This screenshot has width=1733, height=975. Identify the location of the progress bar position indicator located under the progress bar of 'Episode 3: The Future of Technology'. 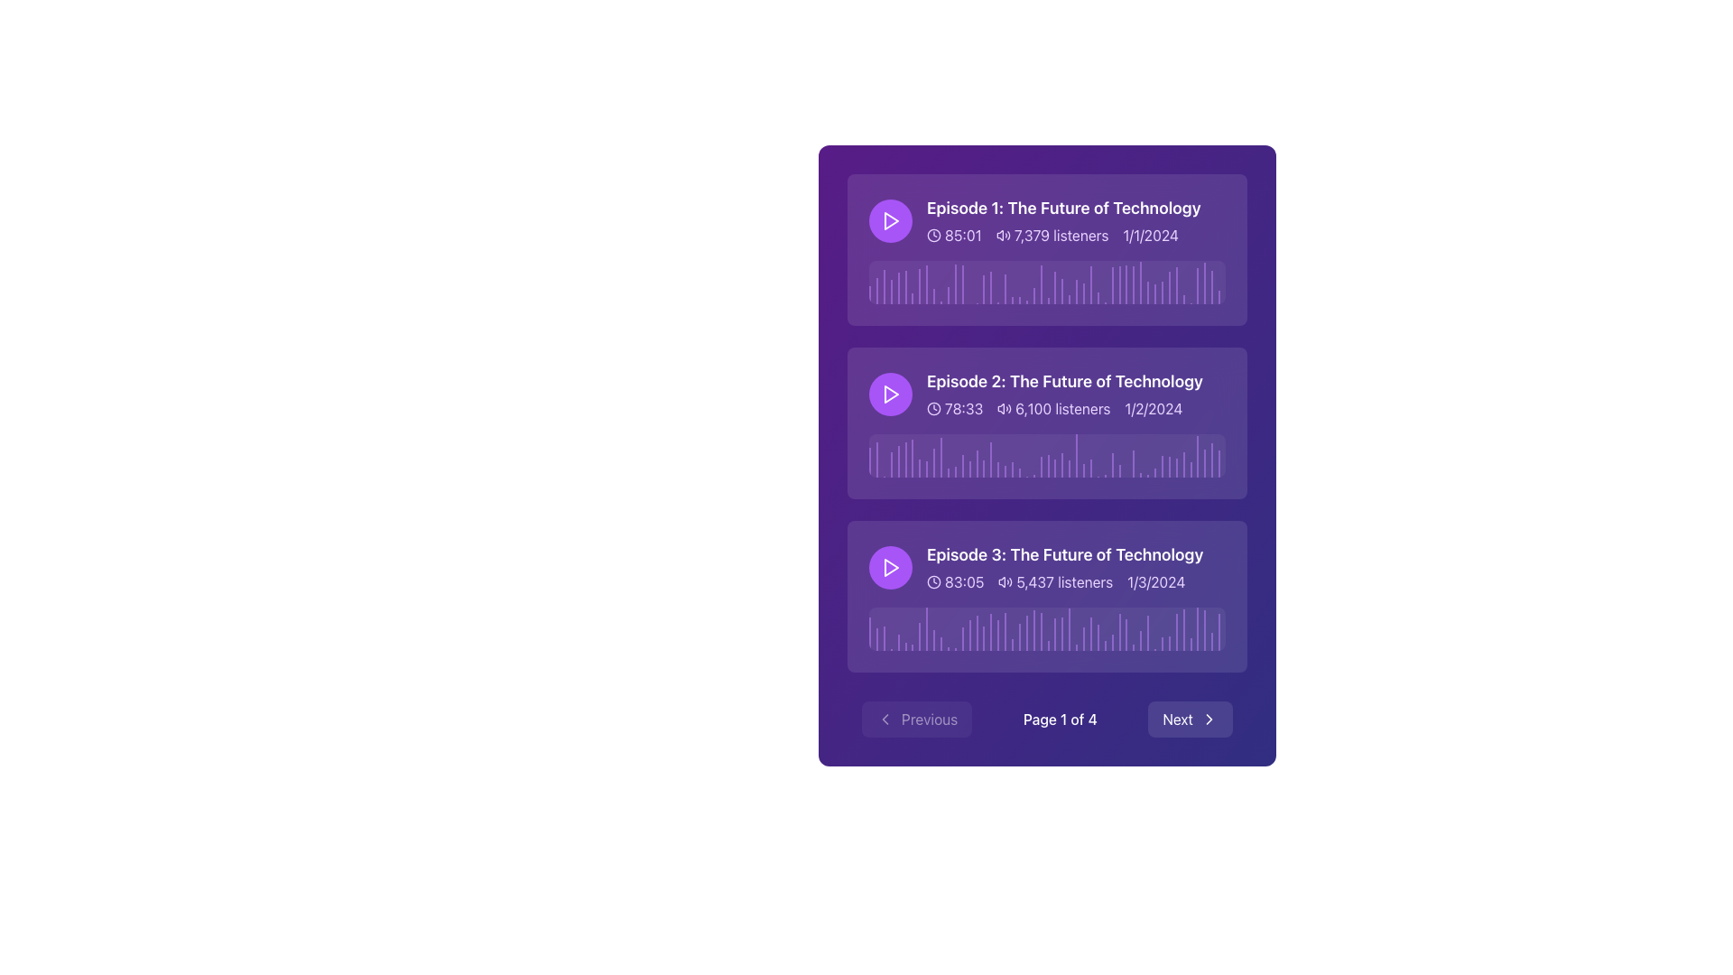
(1147, 632).